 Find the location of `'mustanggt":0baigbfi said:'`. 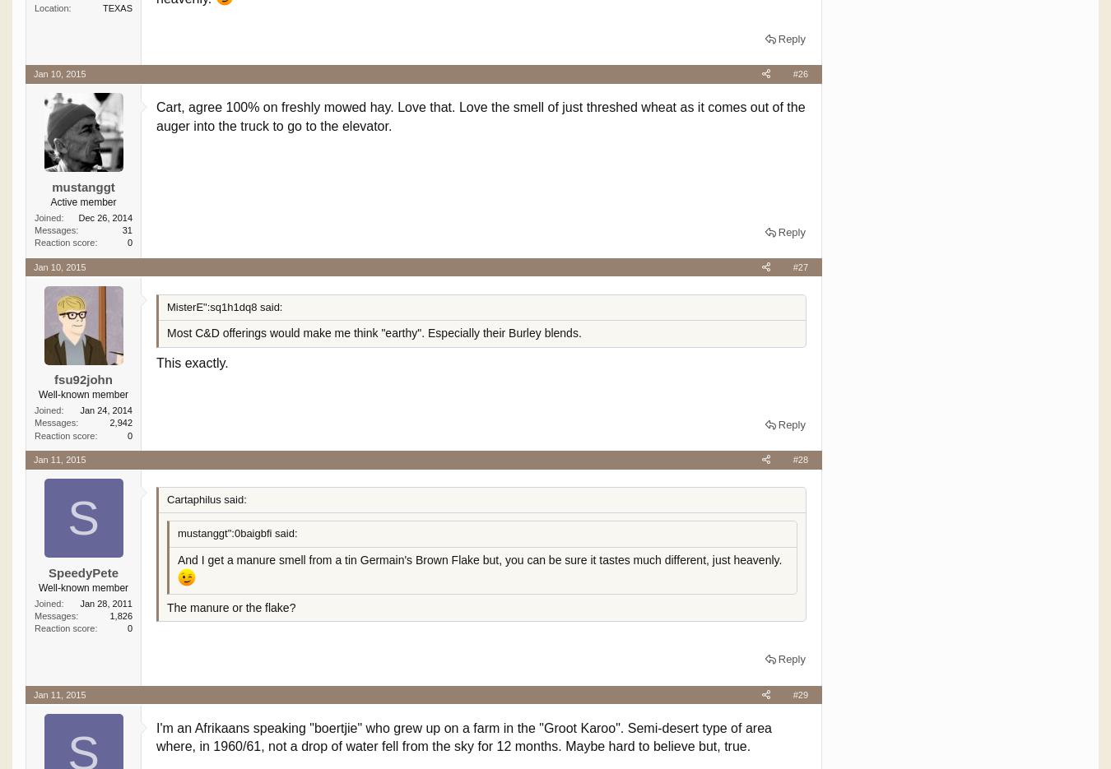

'mustanggt":0baigbfi said:' is located at coordinates (178, 533).